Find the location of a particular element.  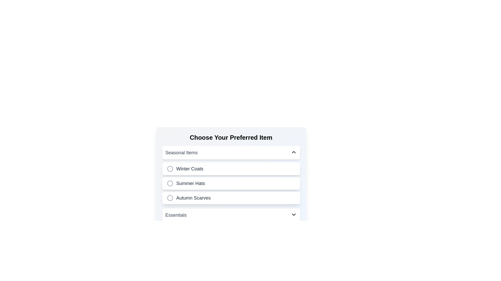

text label indicating the option for 'Winter Coats' located in the second row of the 'Seasonal Items' section, to the right of a circular radio button is located at coordinates (189, 169).